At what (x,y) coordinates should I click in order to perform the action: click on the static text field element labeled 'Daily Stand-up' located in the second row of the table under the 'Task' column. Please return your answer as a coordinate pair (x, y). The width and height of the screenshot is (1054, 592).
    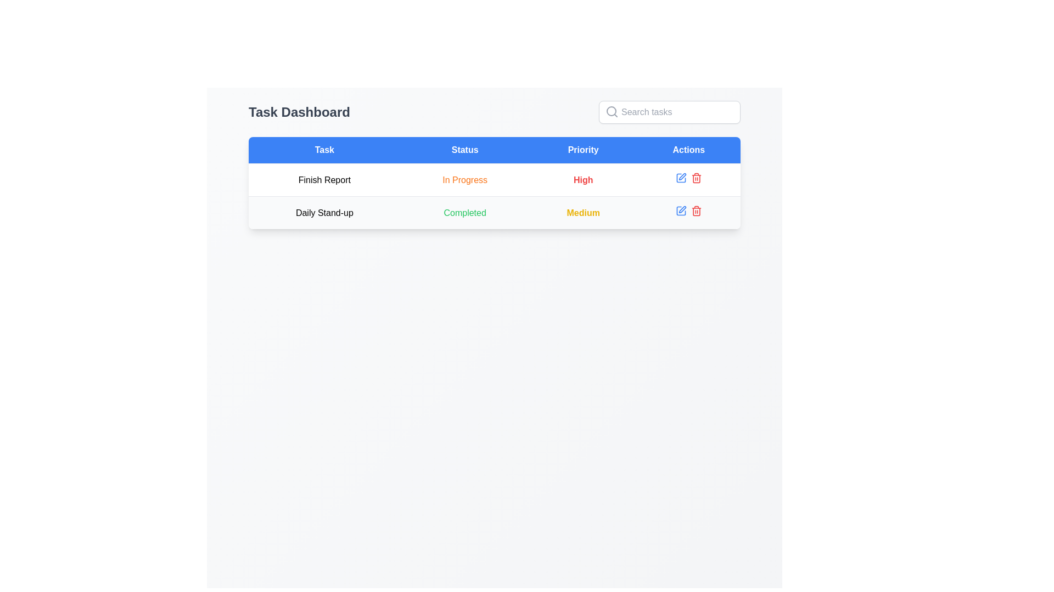
    Looking at the image, I should click on (324, 213).